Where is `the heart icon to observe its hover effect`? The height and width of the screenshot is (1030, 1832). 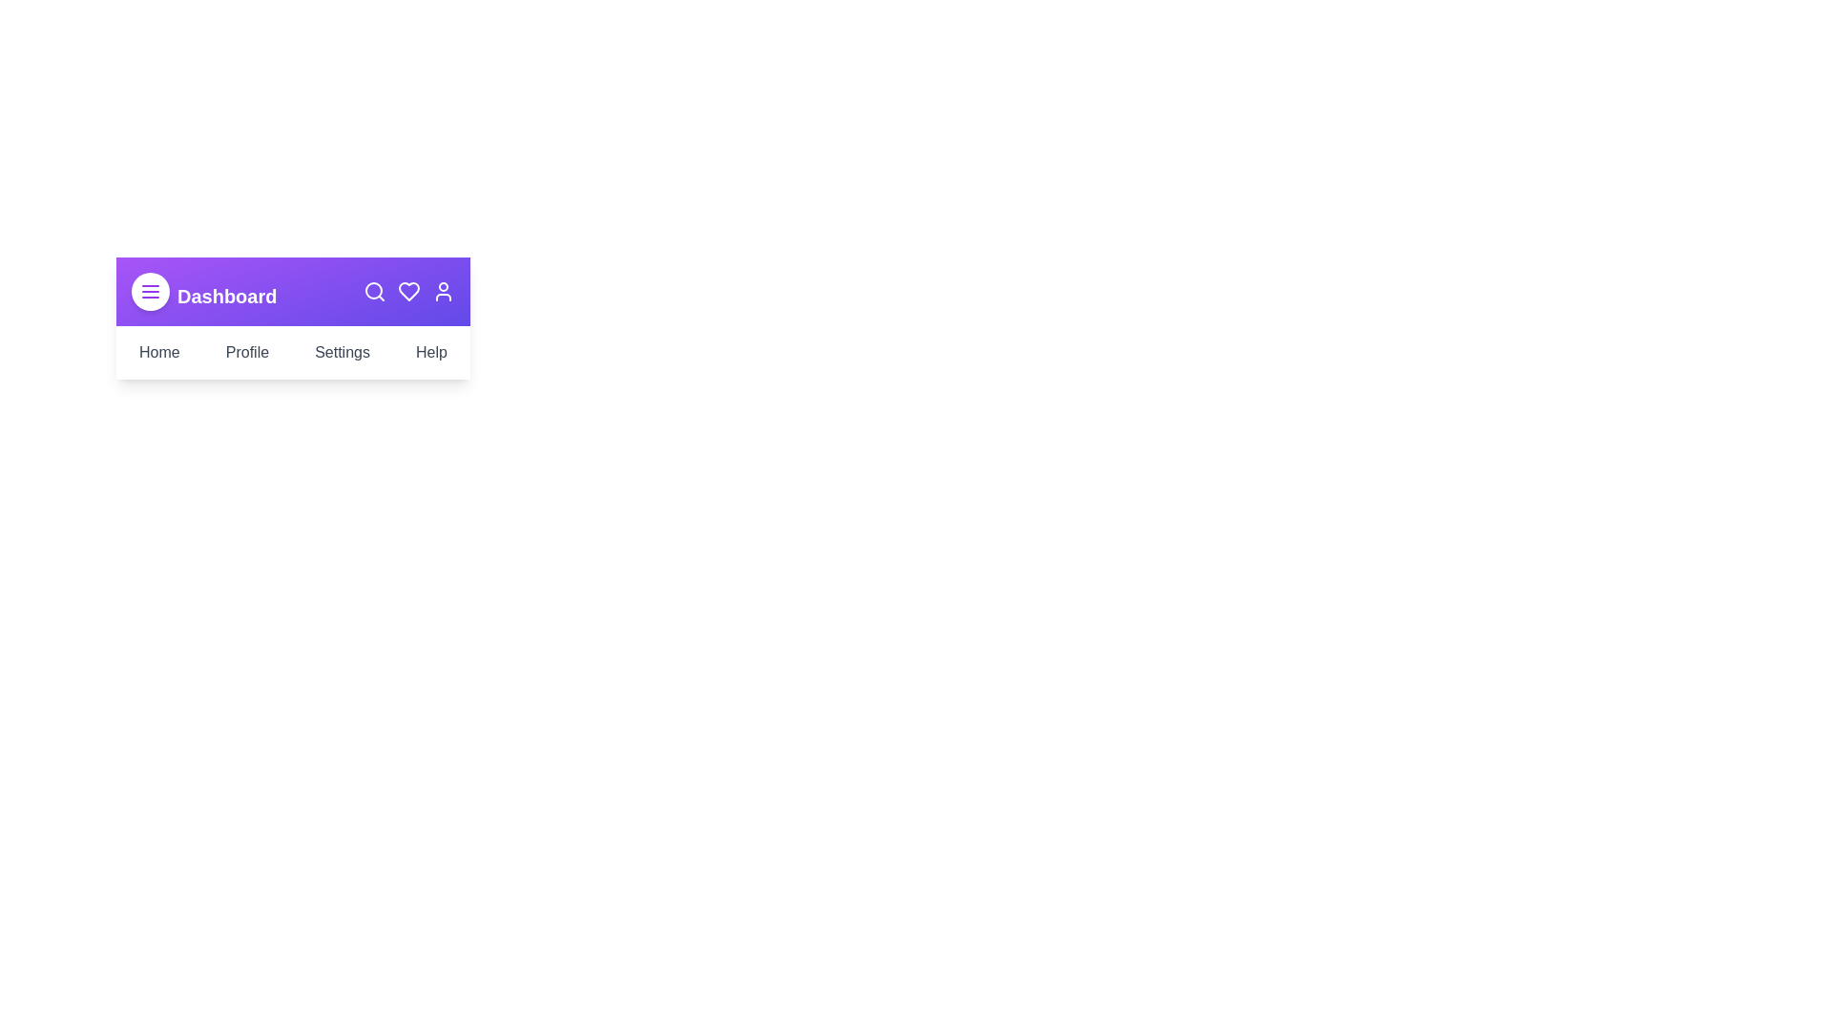 the heart icon to observe its hover effect is located at coordinates (407, 291).